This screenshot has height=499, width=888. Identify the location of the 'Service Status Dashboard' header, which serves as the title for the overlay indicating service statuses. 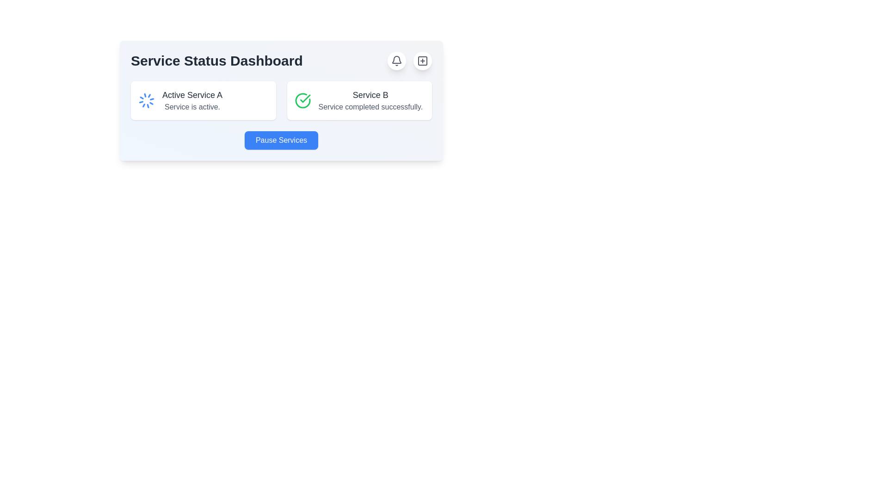
(281, 61).